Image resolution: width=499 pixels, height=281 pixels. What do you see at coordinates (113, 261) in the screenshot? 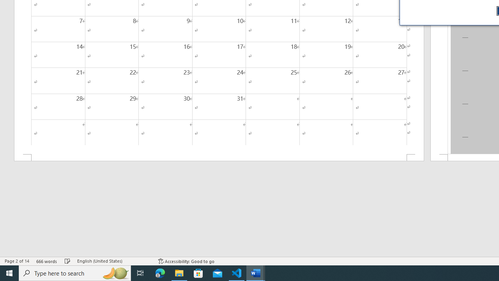
I see `'Language English (United States)'` at bounding box center [113, 261].